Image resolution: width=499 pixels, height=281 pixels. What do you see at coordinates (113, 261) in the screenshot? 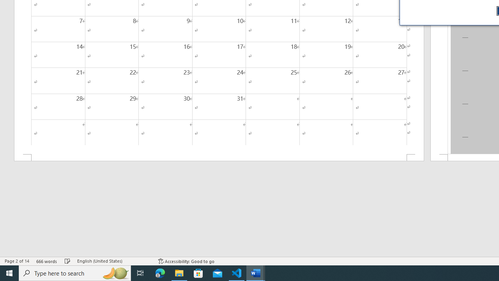
I see `'Language English (United States)'` at bounding box center [113, 261].